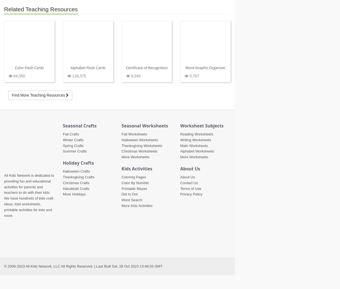  Describe the element at coordinates (146, 68) in the screenshot. I see `'Certificate of Recognition'` at that location.